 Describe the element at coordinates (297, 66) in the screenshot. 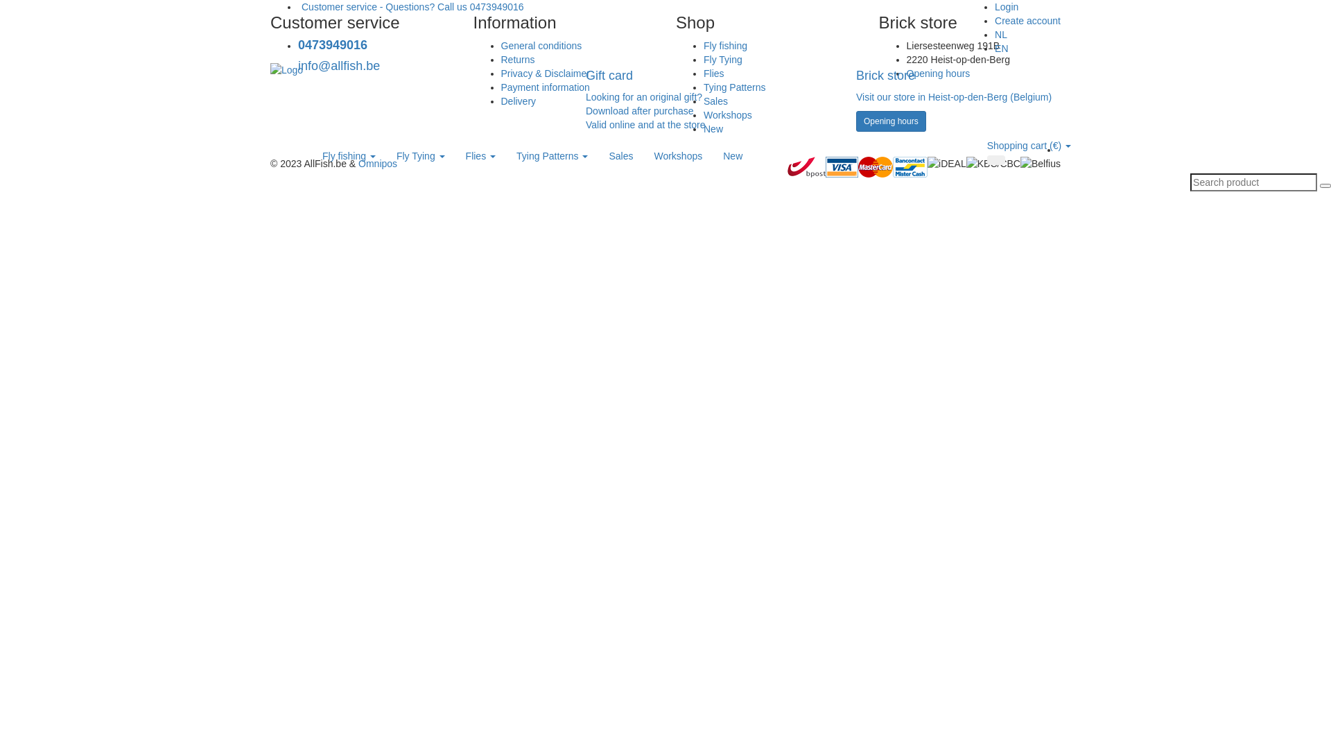

I see `'info@allfish.be'` at that location.